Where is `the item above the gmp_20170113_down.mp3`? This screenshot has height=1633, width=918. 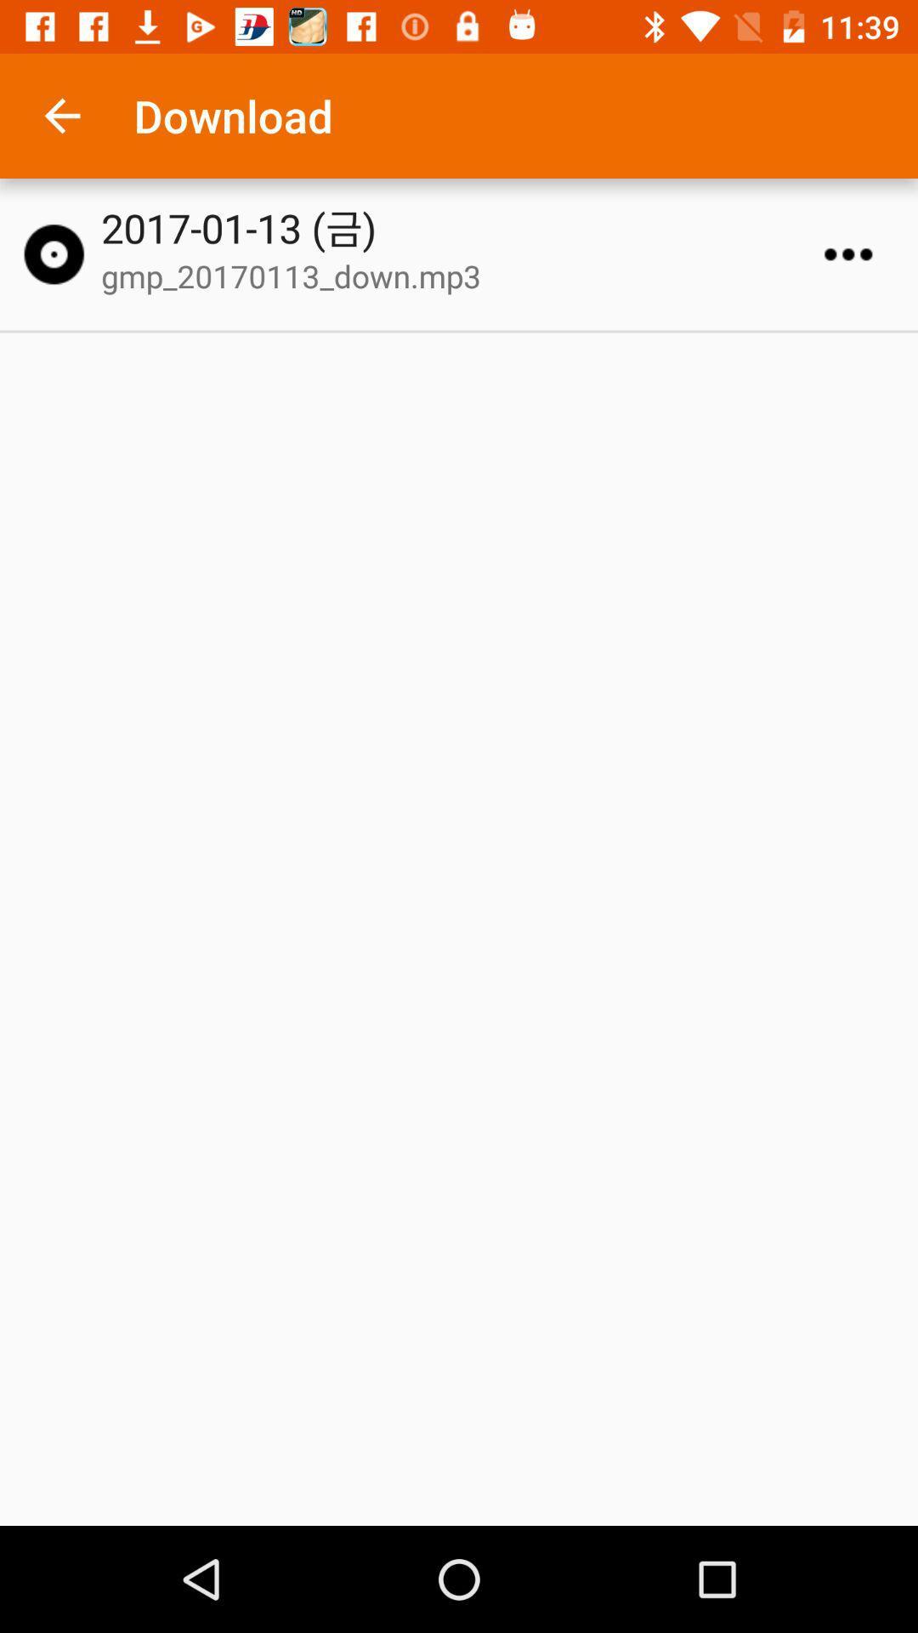
the item above the gmp_20170113_down.mp3 is located at coordinates (467, 227).